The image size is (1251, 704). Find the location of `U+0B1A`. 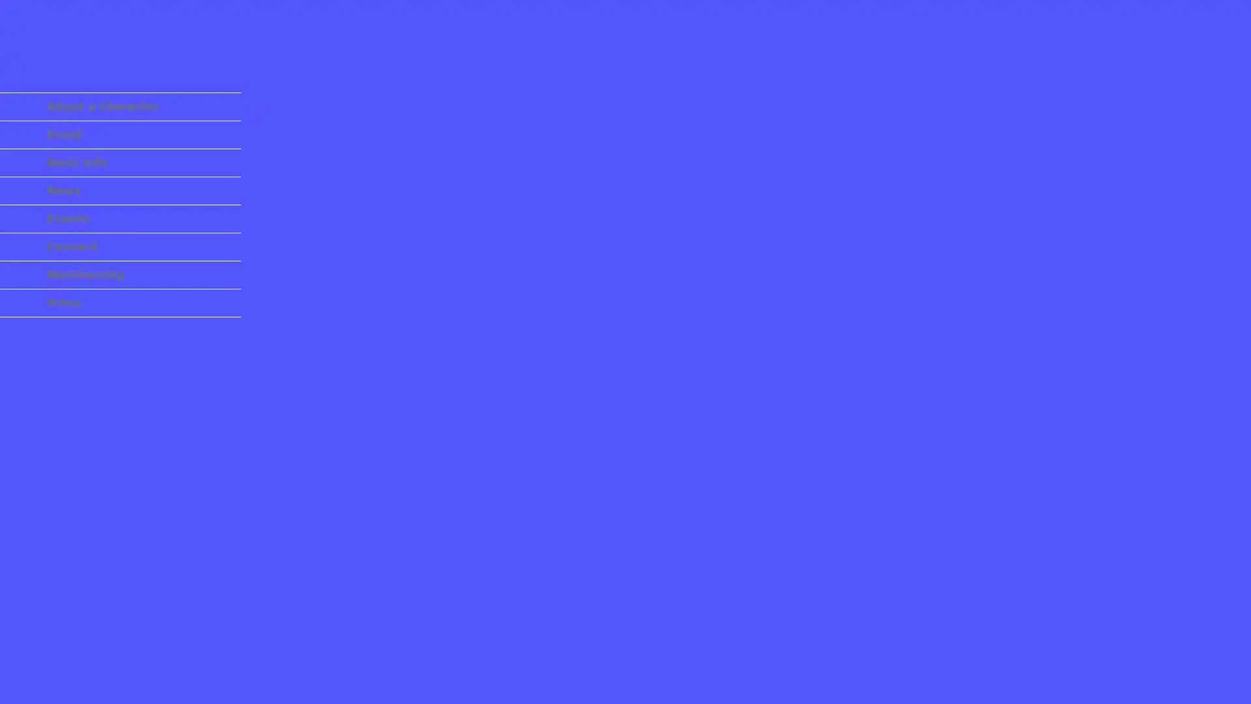

U+0B1A is located at coordinates (592, 456).